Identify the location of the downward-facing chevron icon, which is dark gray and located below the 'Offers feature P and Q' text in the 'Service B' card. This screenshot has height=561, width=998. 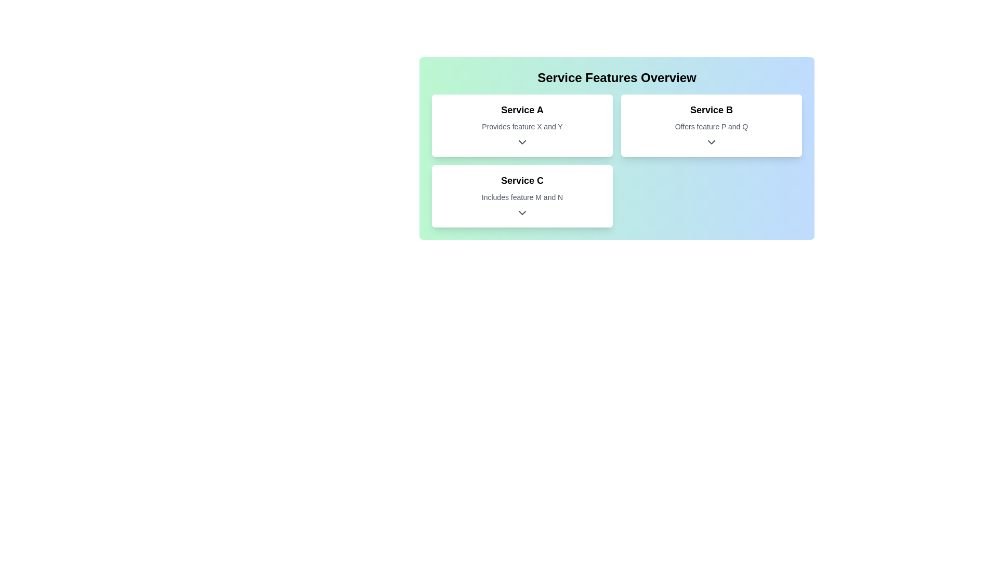
(711, 142).